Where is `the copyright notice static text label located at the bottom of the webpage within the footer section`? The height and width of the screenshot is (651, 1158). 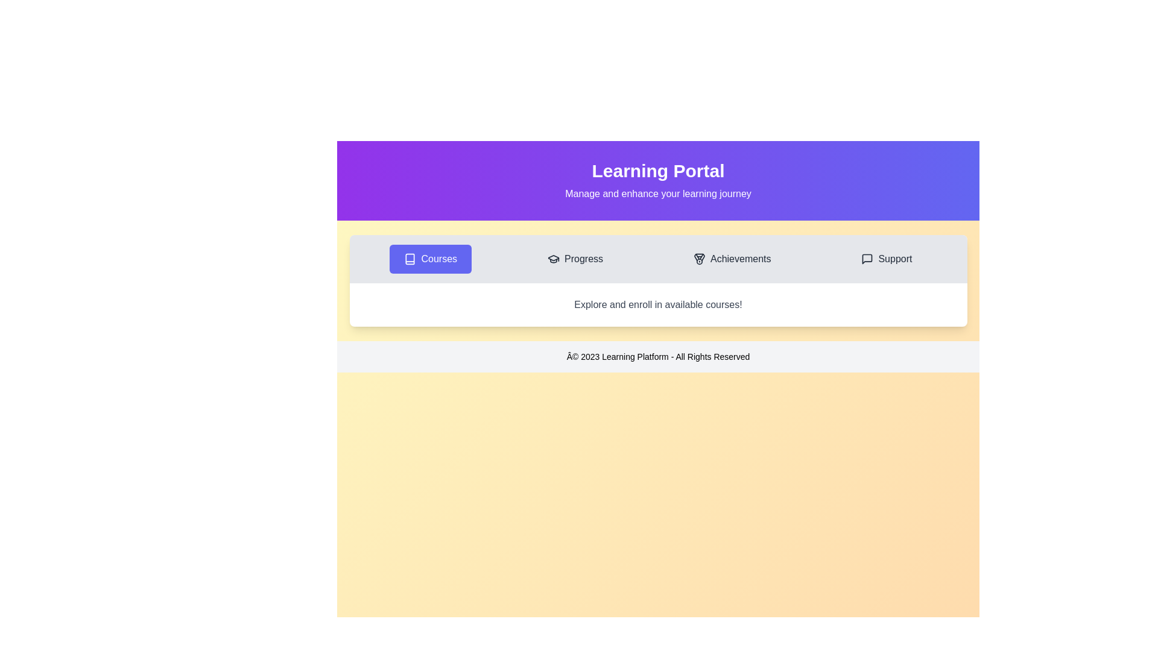 the copyright notice static text label located at the bottom of the webpage within the footer section is located at coordinates (657, 356).